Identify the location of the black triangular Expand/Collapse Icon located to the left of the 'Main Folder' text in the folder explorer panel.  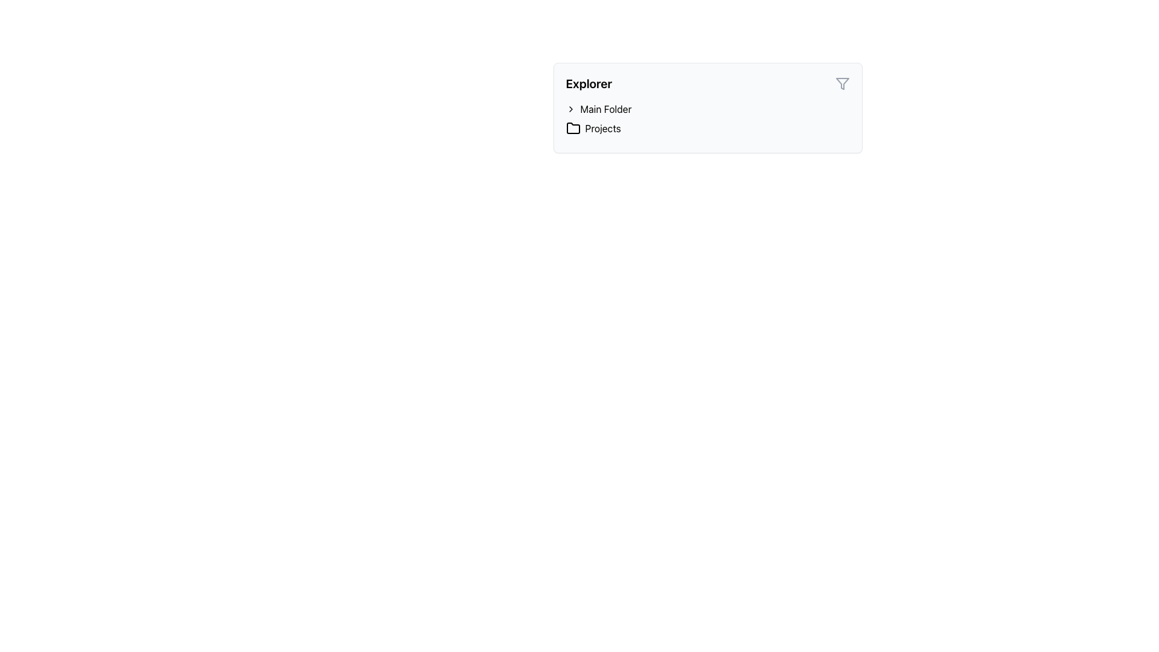
(570, 109).